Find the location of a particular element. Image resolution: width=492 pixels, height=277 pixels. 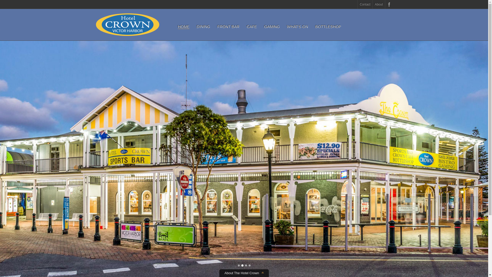

'CAFE' is located at coordinates (252, 26).